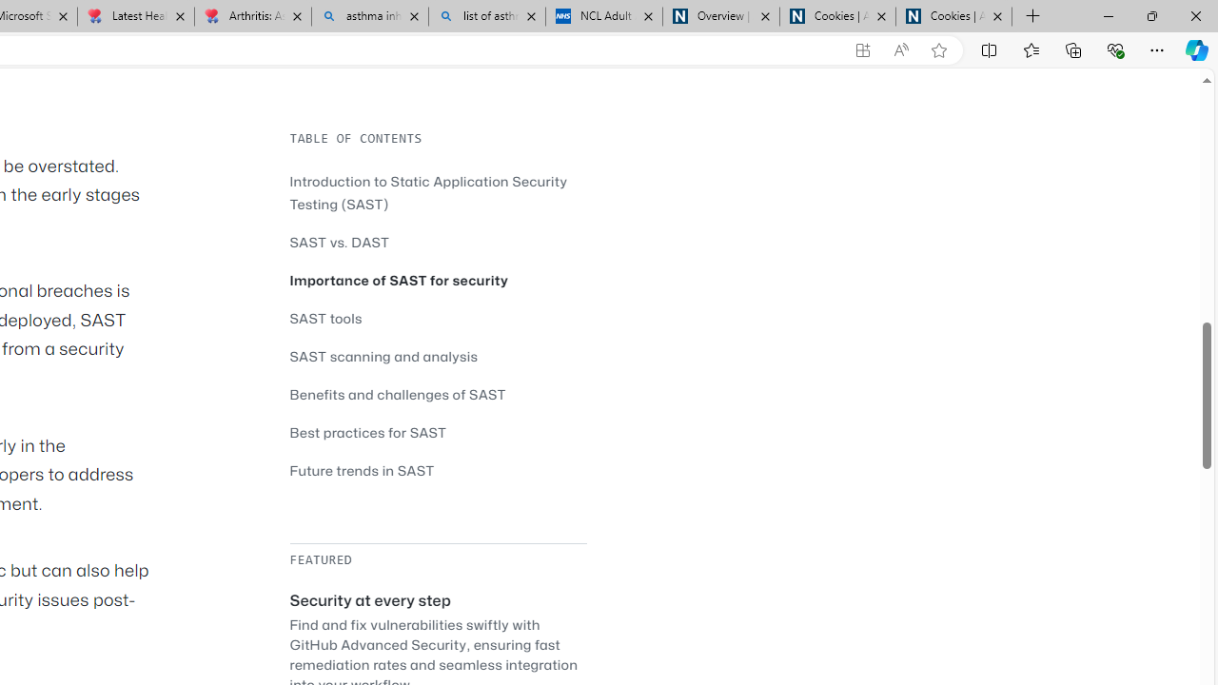 Image resolution: width=1218 pixels, height=685 pixels. I want to click on 'SAST scanning and analysis', so click(383, 356).